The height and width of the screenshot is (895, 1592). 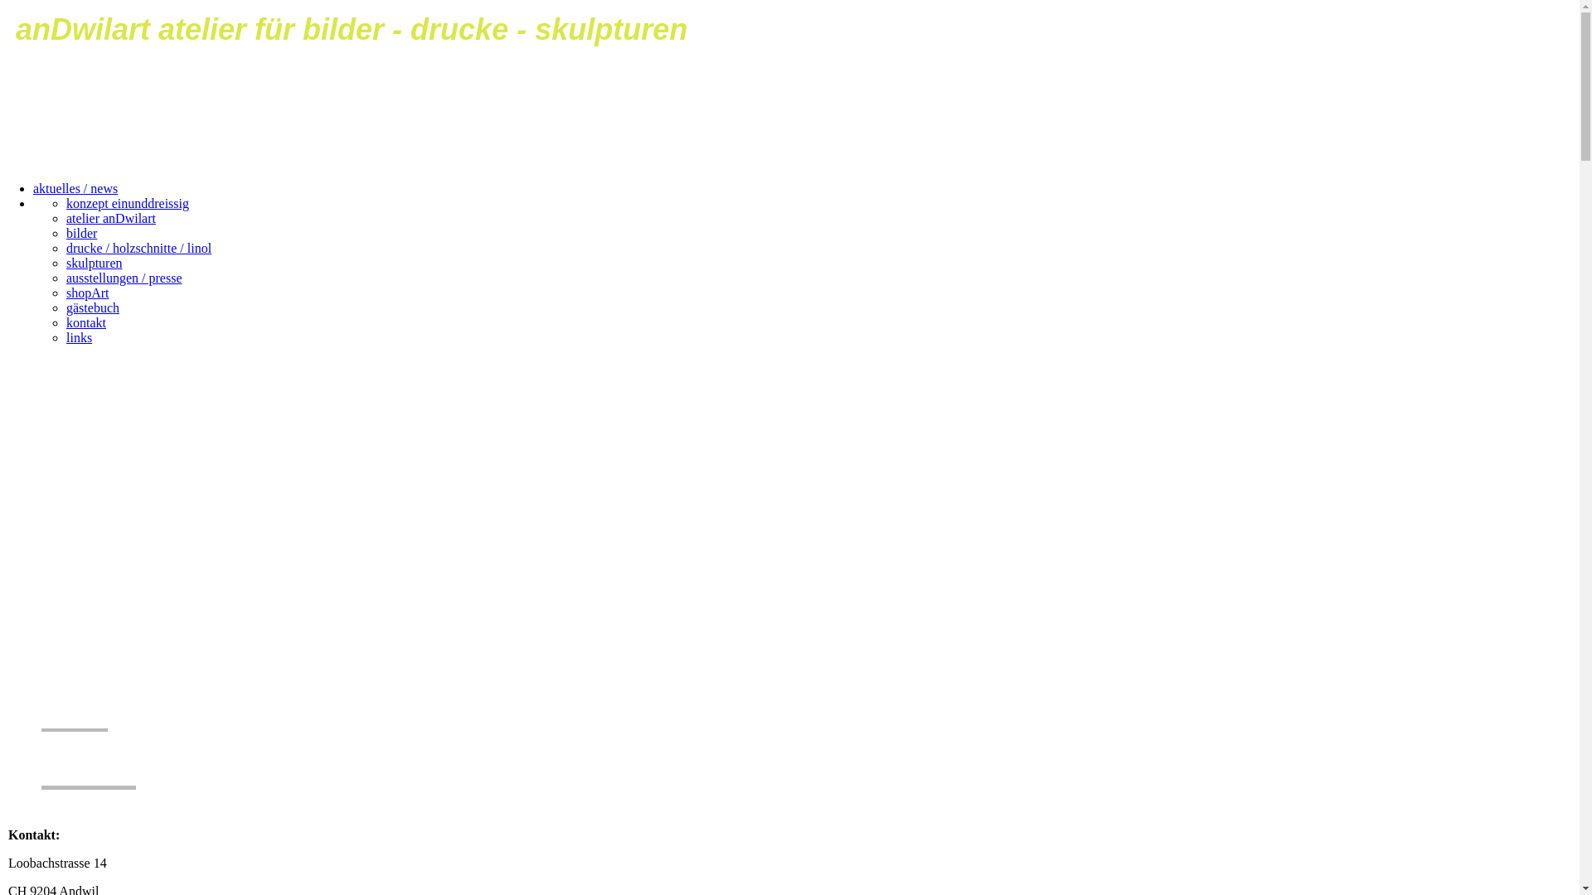 What do you see at coordinates (123, 277) in the screenshot?
I see `'ausstellungen / presse'` at bounding box center [123, 277].